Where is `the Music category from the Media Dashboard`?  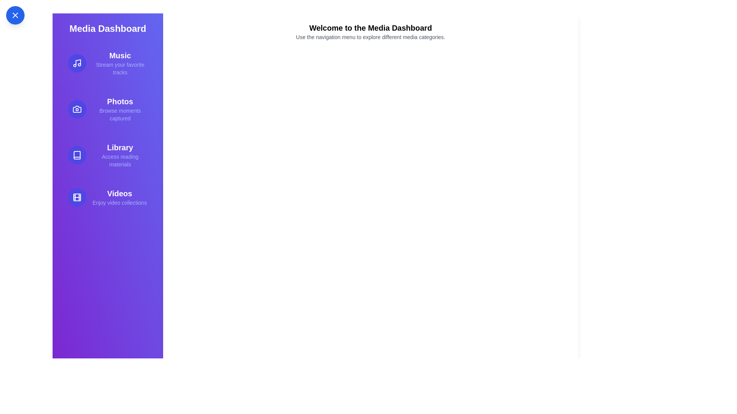
the Music category from the Media Dashboard is located at coordinates (107, 63).